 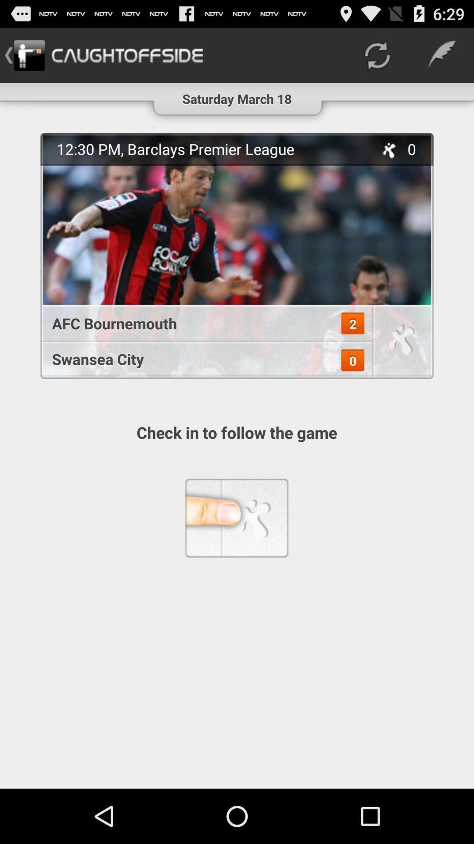 What do you see at coordinates (352, 323) in the screenshot?
I see `2` at bounding box center [352, 323].